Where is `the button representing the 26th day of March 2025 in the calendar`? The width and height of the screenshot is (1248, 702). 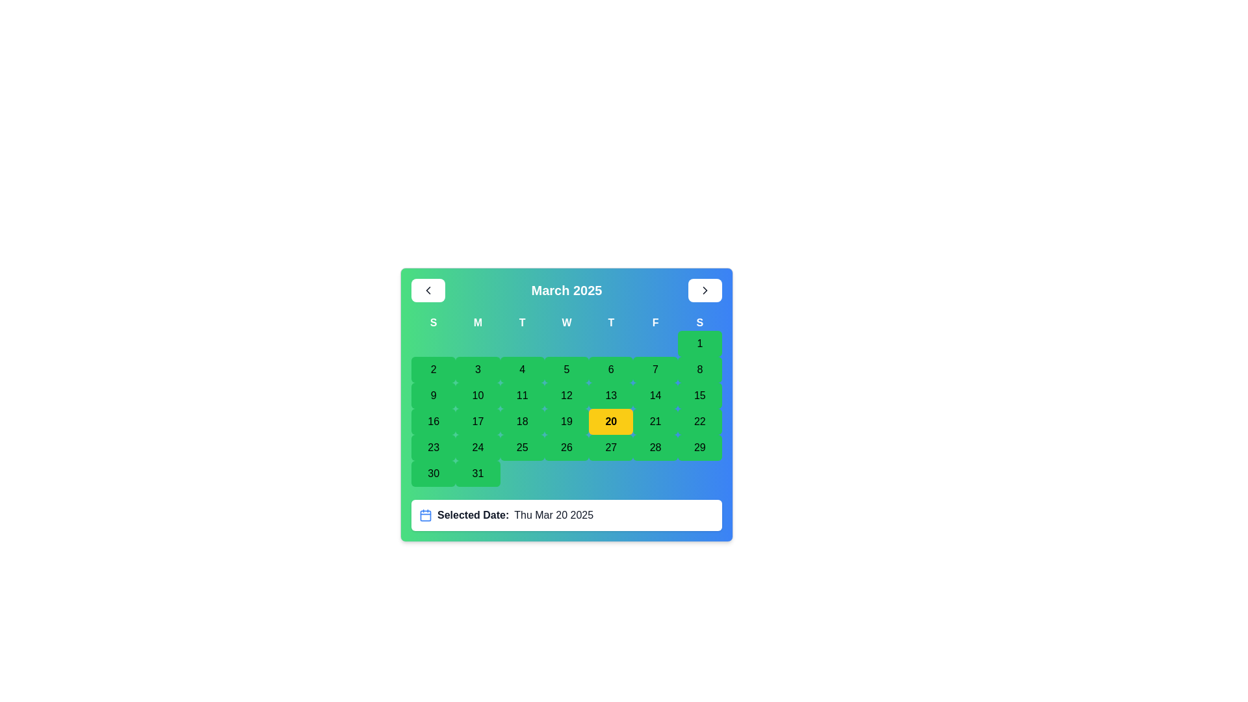 the button representing the 26th day of March 2025 in the calendar is located at coordinates (567, 447).